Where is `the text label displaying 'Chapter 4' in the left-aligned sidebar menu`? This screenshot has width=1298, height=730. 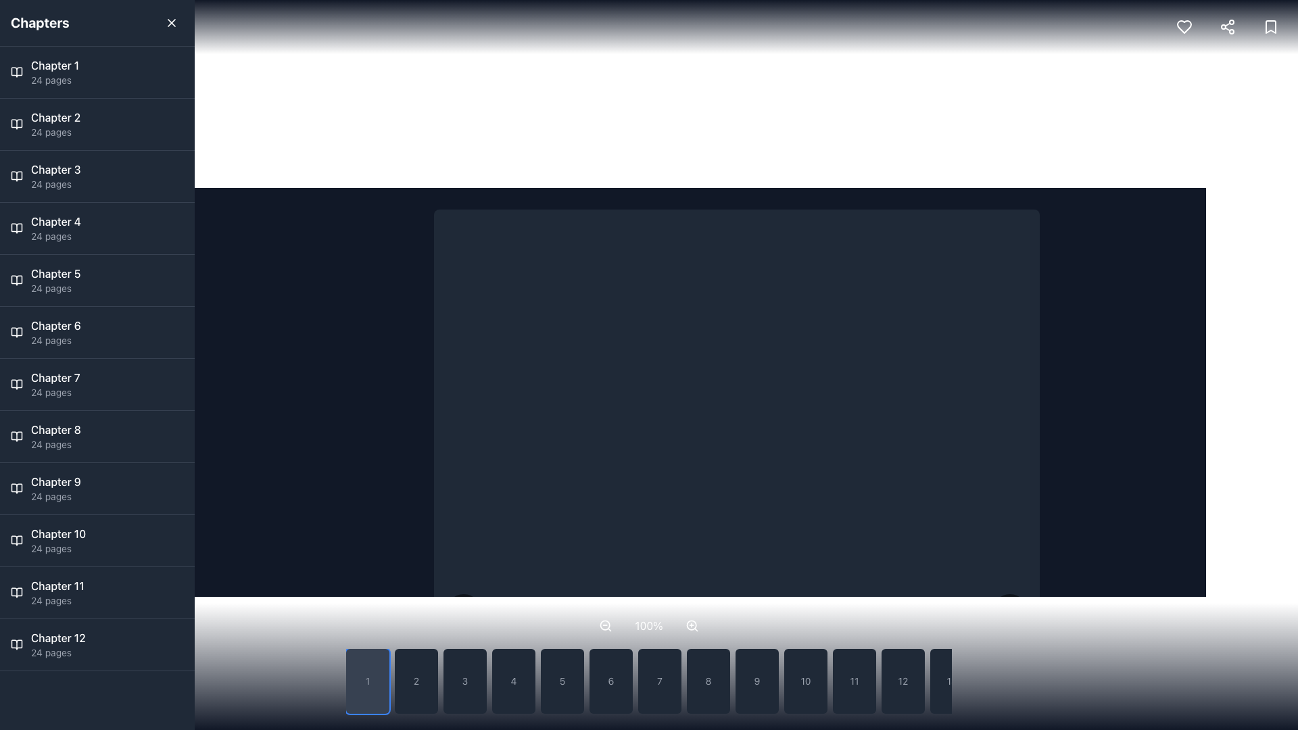
the text label displaying 'Chapter 4' in the left-aligned sidebar menu is located at coordinates (55, 220).